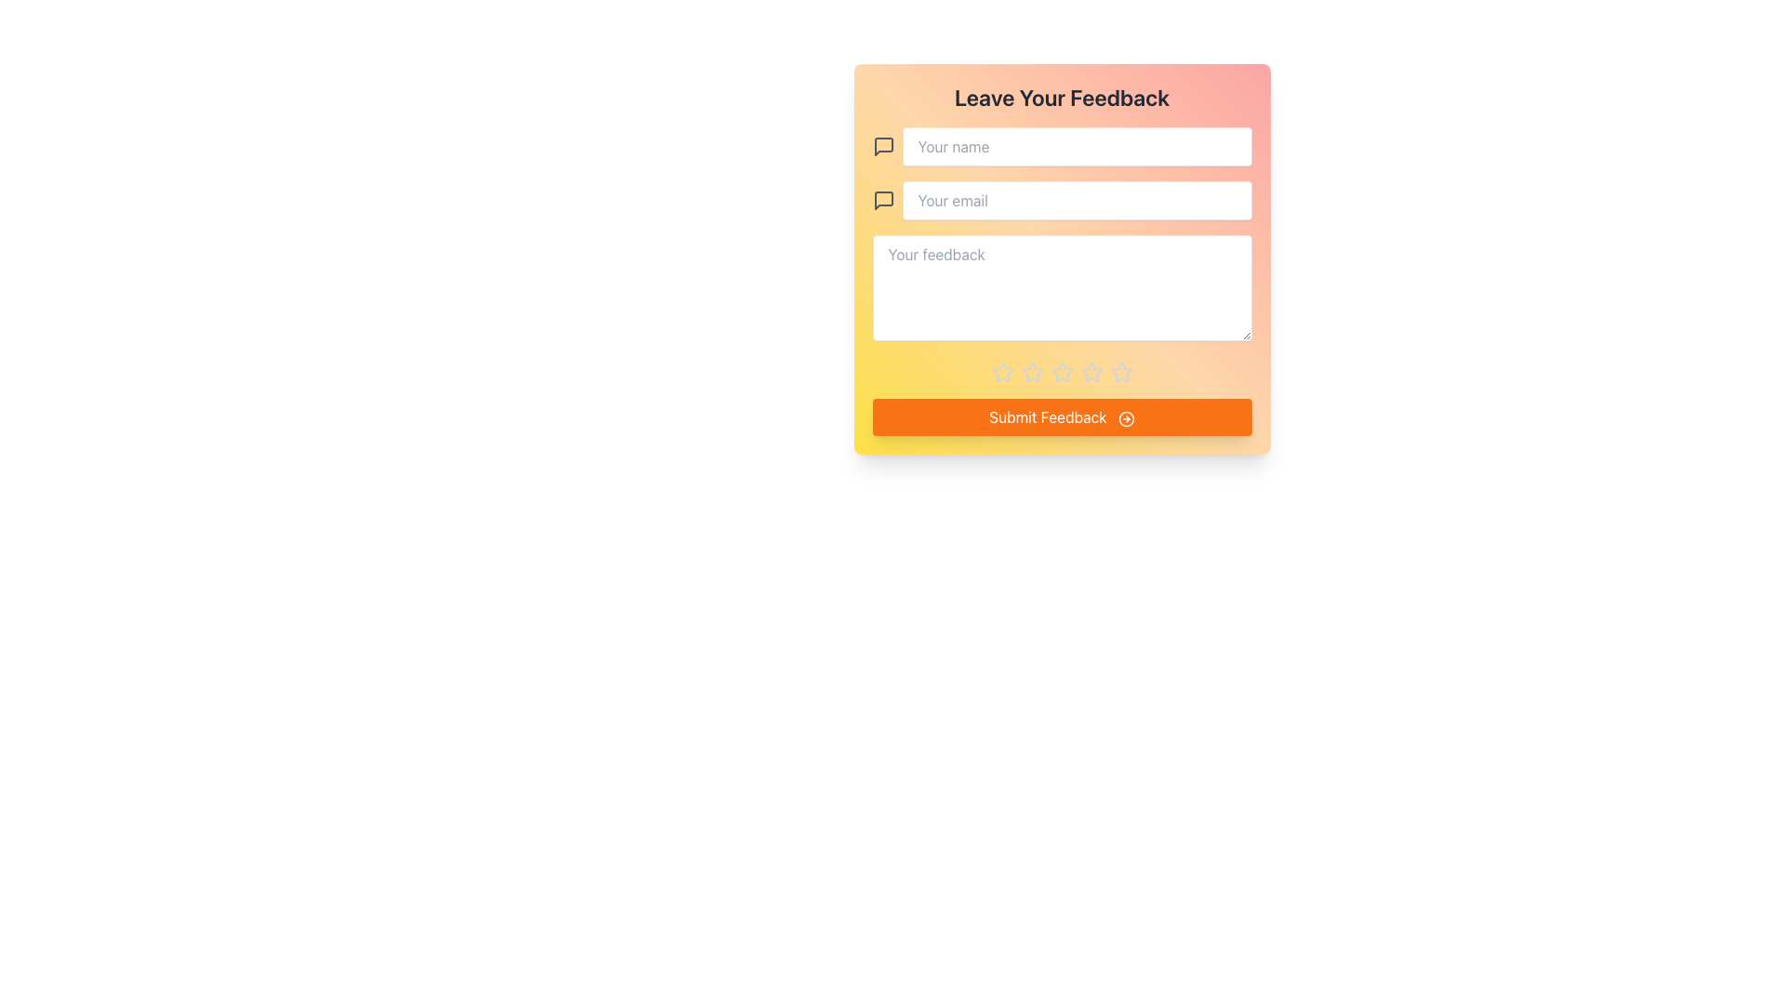 This screenshot has height=1004, width=1785. What do you see at coordinates (1062, 97) in the screenshot?
I see `the text label that reads 'Leave Your Feedback', which is styled in bold with a large font size at the top of a rectangular card` at bounding box center [1062, 97].